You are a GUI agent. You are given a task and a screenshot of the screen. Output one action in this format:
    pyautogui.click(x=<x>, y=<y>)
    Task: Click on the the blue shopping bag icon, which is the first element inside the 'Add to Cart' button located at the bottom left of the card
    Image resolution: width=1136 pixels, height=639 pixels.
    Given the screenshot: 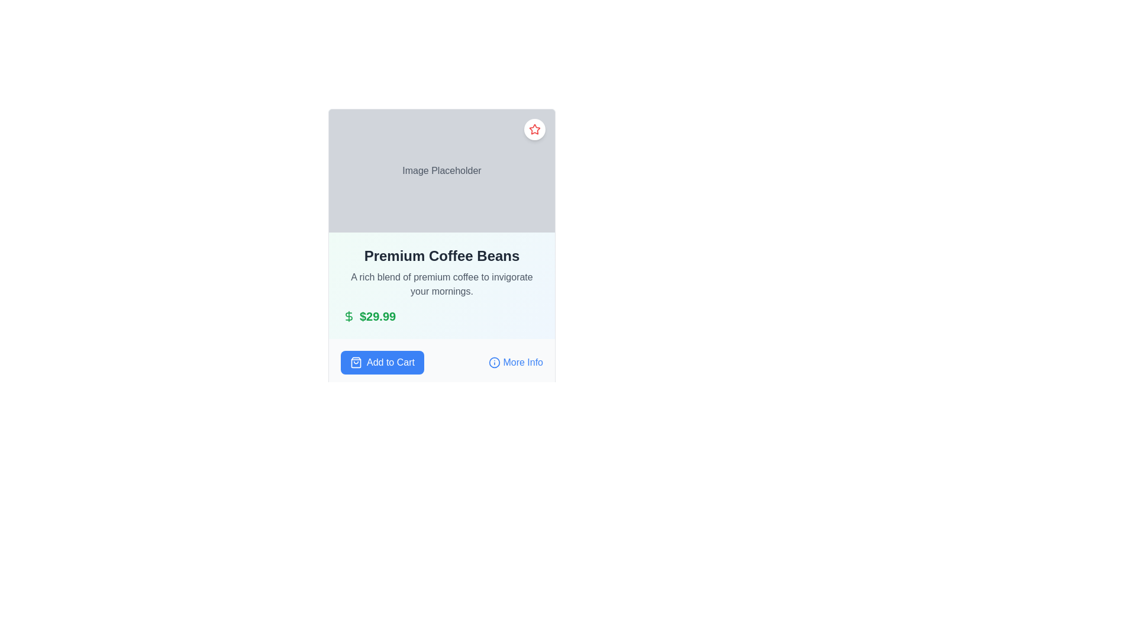 What is the action you would take?
    pyautogui.click(x=355, y=362)
    